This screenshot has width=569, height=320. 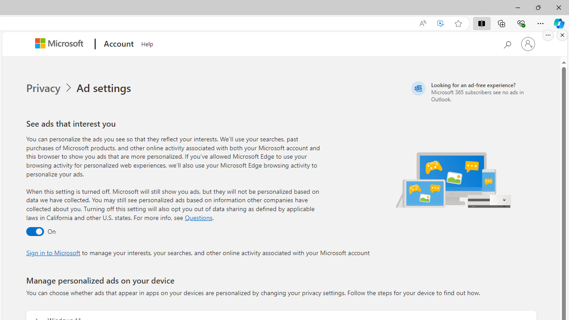 What do you see at coordinates (528, 44) in the screenshot?
I see `'Sign in to your account'` at bounding box center [528, 44].